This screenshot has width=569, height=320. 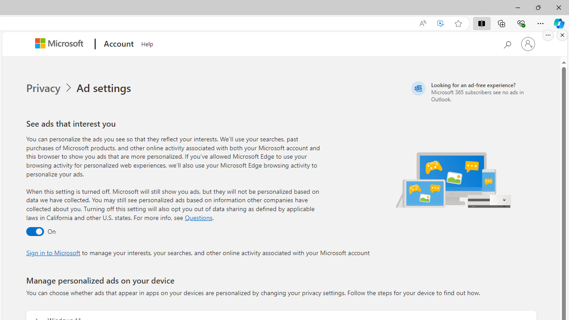 What do you see at coordinates (528, 44) in the screenshot?
I see `'Sign in to your account'` at bounding box center [528, 44].